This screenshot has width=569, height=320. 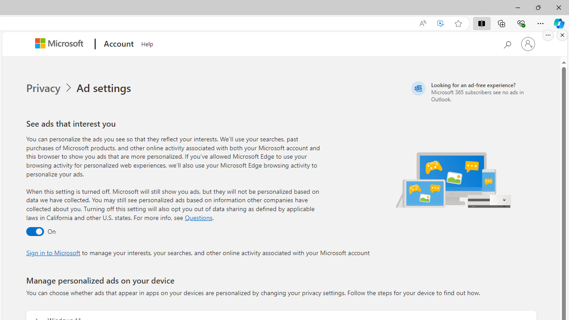 What do you see at coordinates (528, 44) in the screenshot?
I see `'Sign in to your account'` at bounding box center [528, 44].